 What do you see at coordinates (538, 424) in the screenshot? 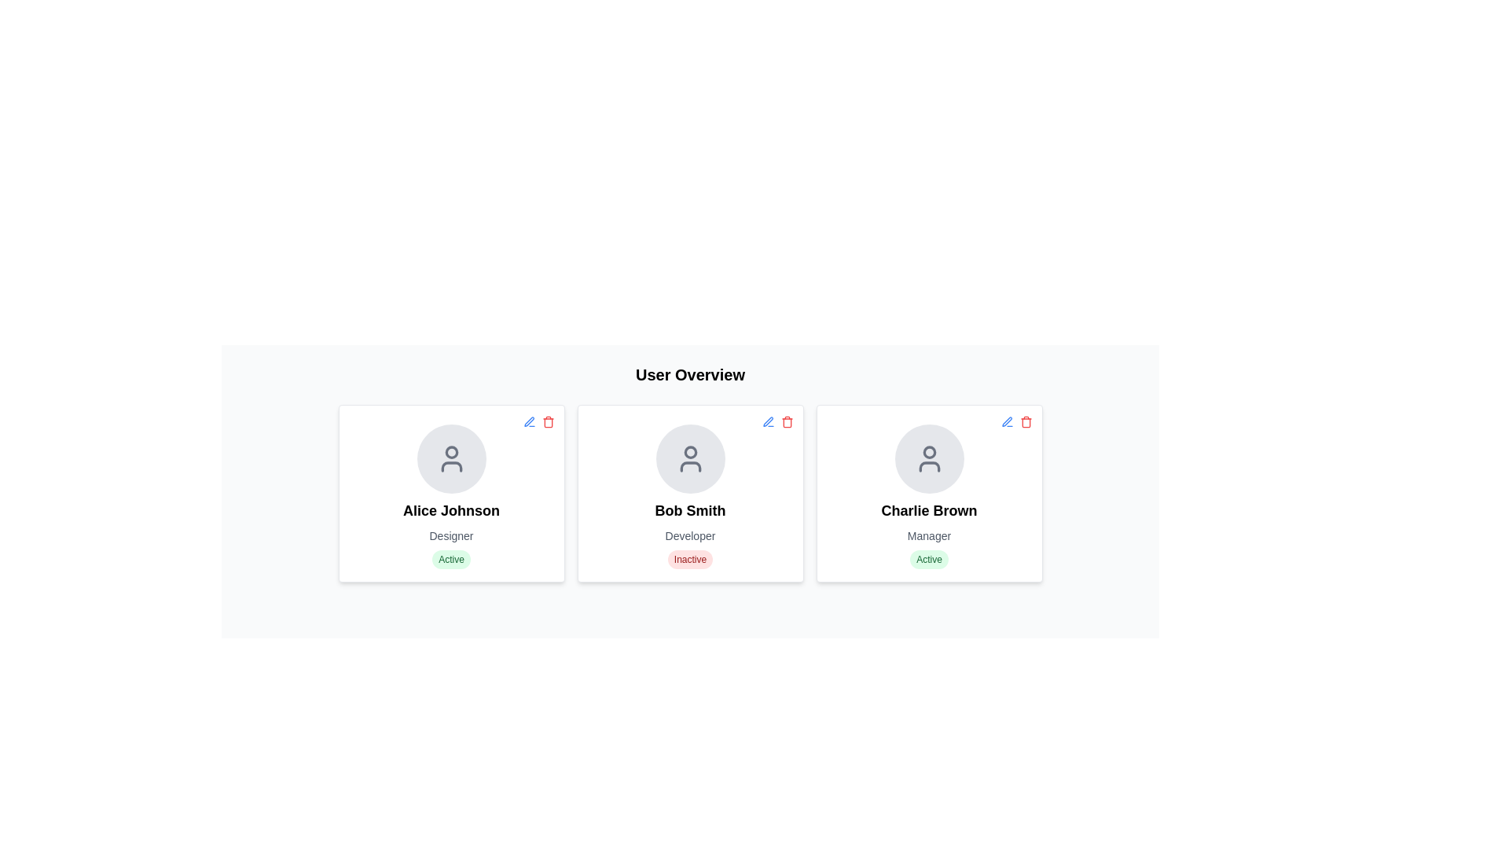
I see `the edit icon located at the top-right corner of the card containing the user 'Alice Johnson' to initiate editing` at bounding box center [538, 424].